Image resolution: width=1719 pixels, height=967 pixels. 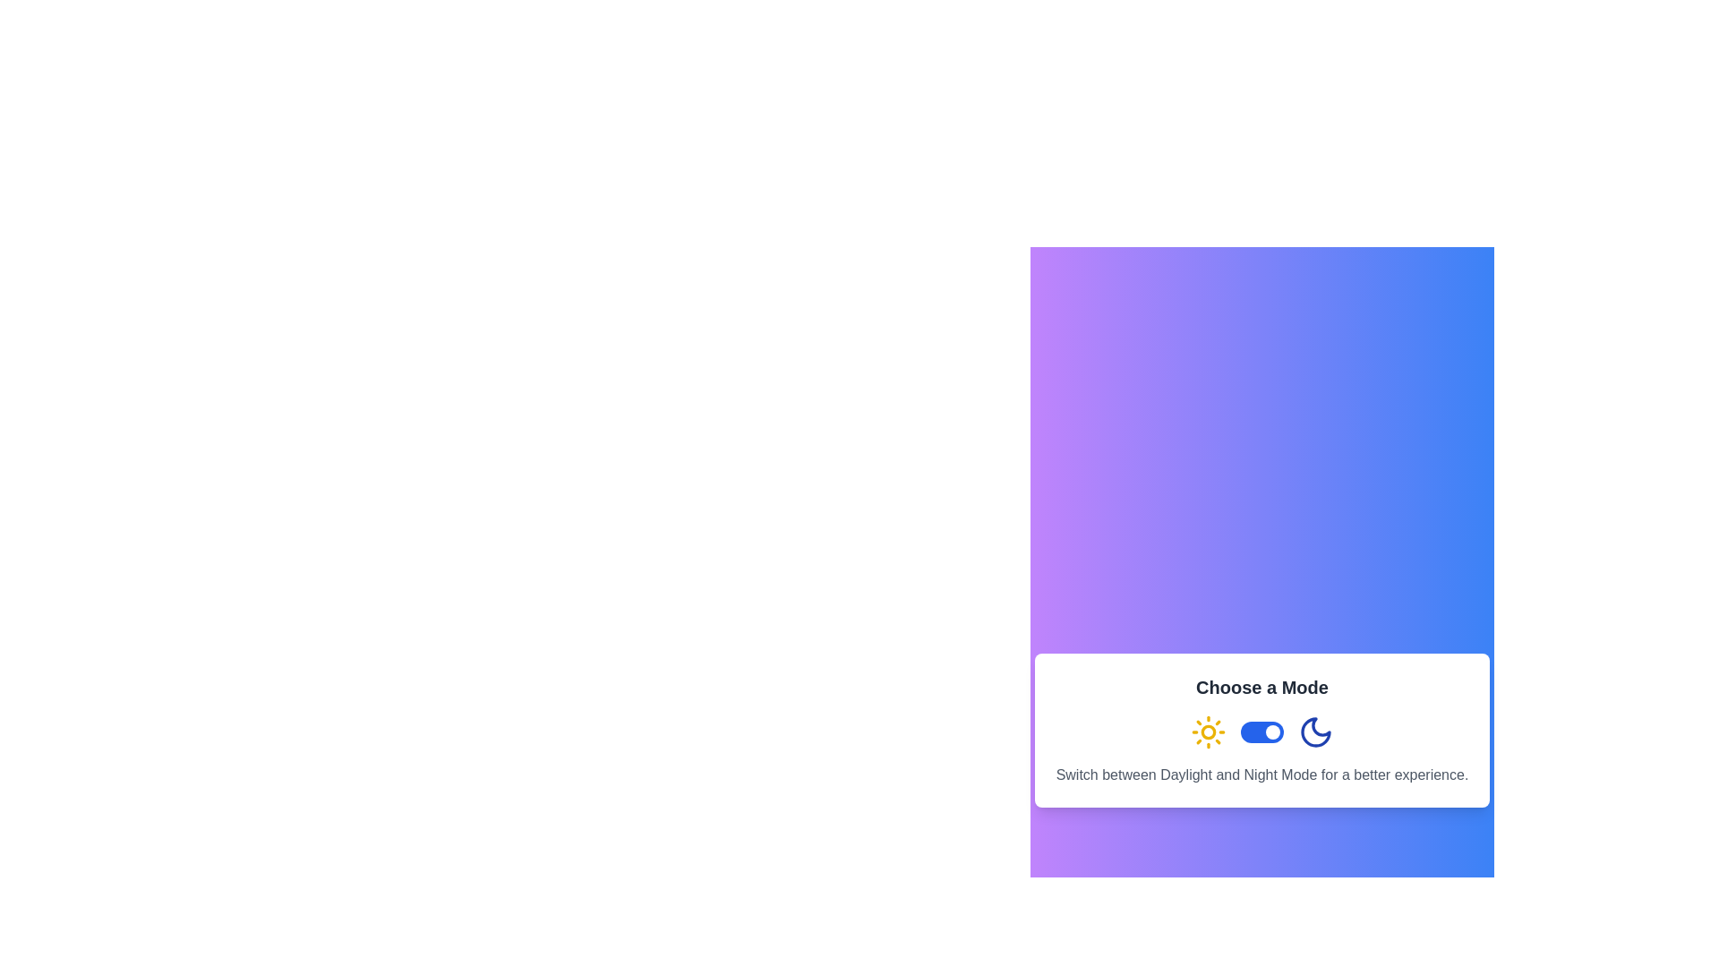 I want to click on the moon-shaped icon styled in blue, which is located immediately to the right of the toggle switch, representing the night mode theme, so click(x=1315, y=732).